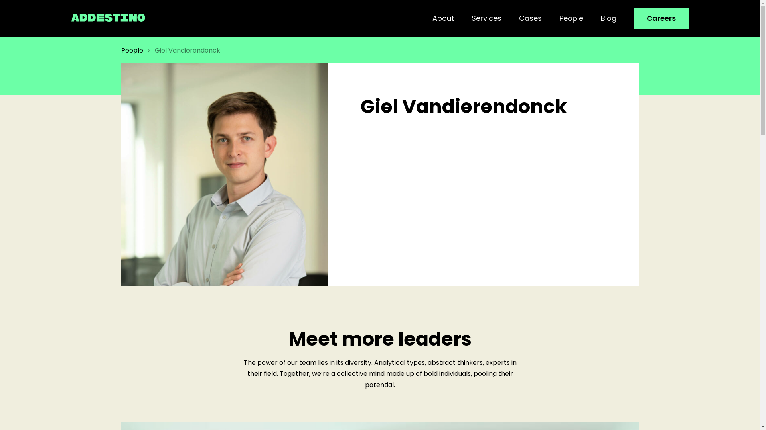 The image size is (766, 430). Describe the element at coordinates (732, 416) in the screenshot. I see `'Accept All'` at that location.